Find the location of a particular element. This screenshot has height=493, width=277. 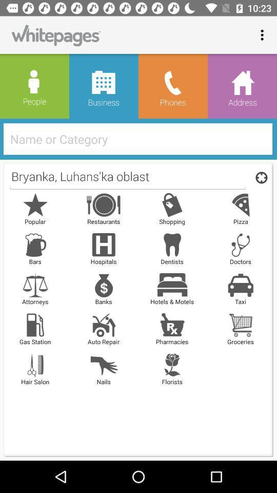

icon above the bryanka luhans ka icon is located at coordinates (141, 138).